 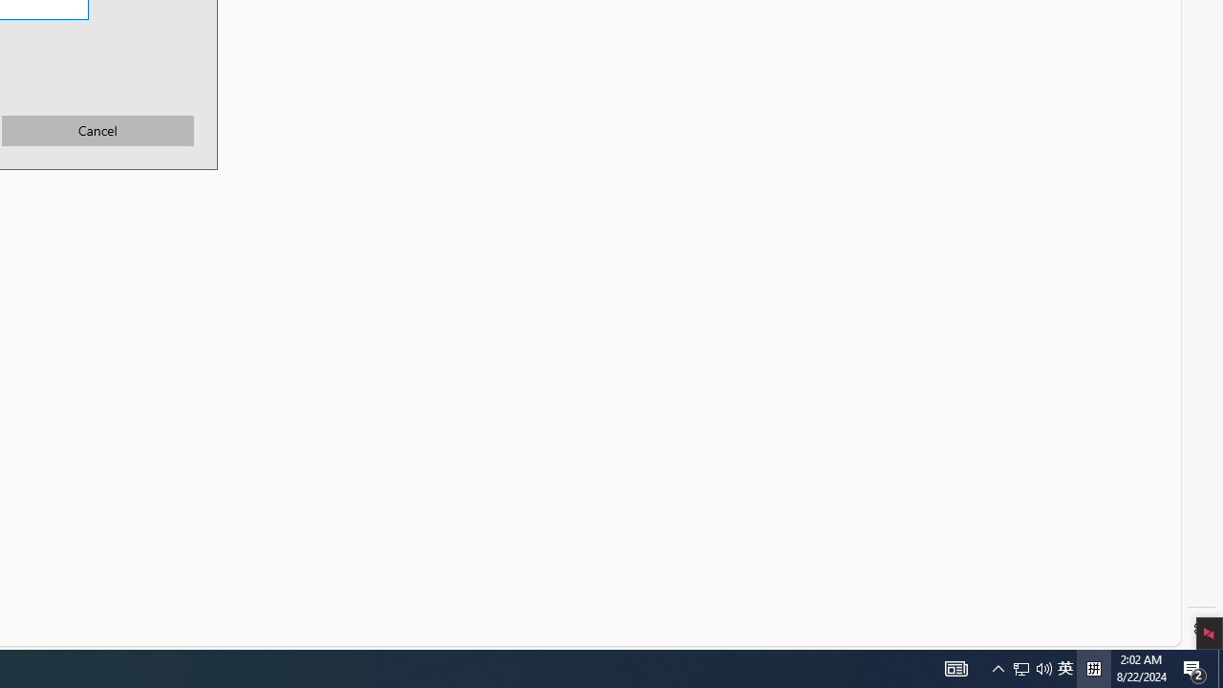 I want to click on 'Tray Input Indicator - Chinese (Simplified, China)', so click(x=1031, y=667).